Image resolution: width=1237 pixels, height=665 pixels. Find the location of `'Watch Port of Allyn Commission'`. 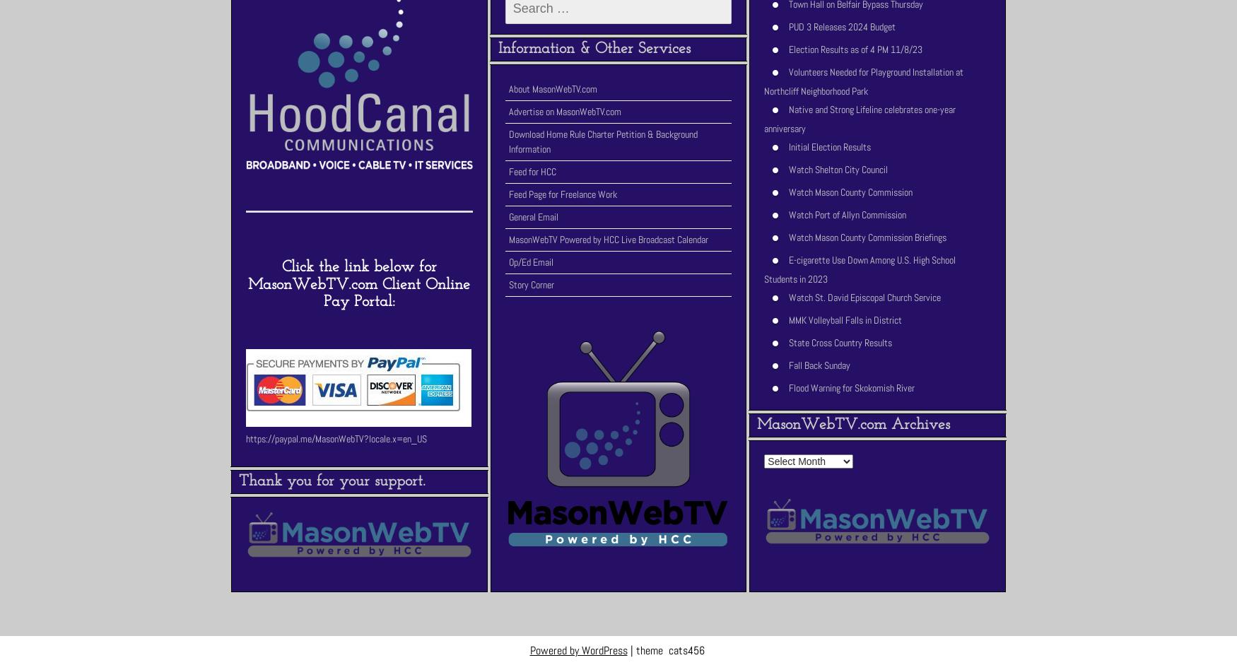

'Watch Port of Allyn Commission' is located at coordinates (850, 213).